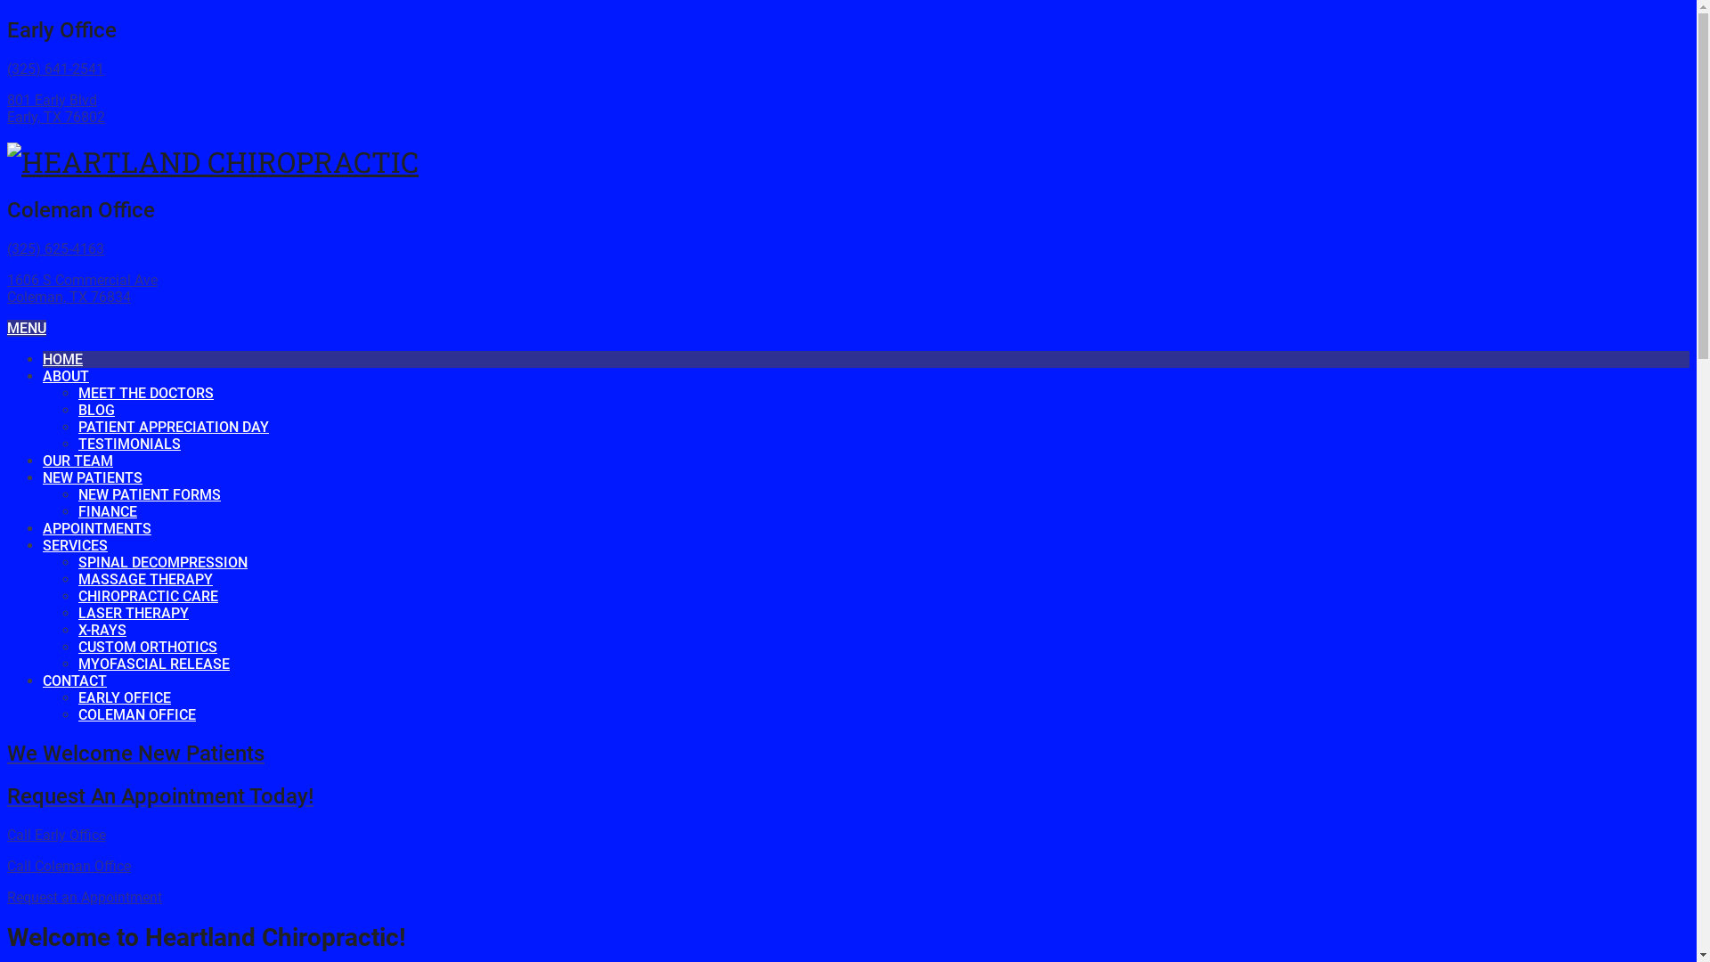  Describe the element at coordinates (132, 612) in the screenshot. I see `'LASER THERAPY'` at that location.